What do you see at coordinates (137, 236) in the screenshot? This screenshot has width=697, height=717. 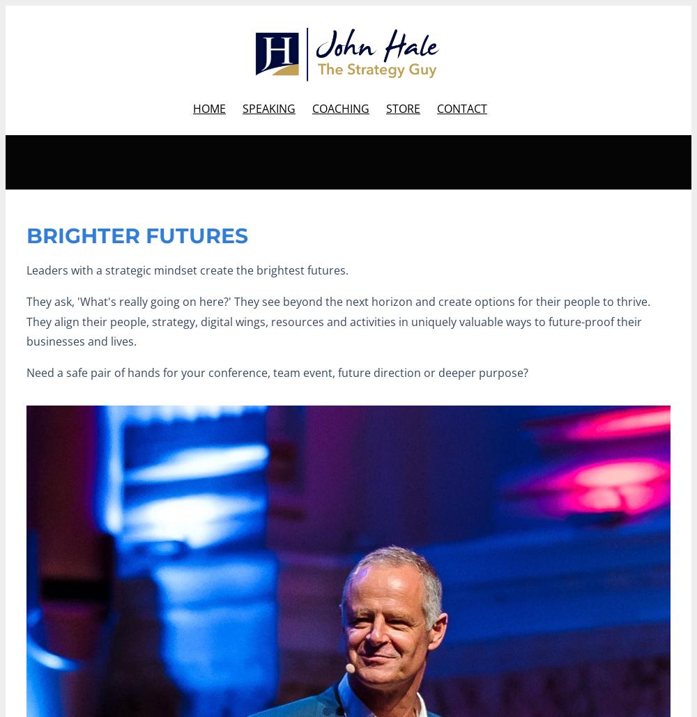 I see `'BRIGHTER FUTURES'` at bounding box center [137, 236].